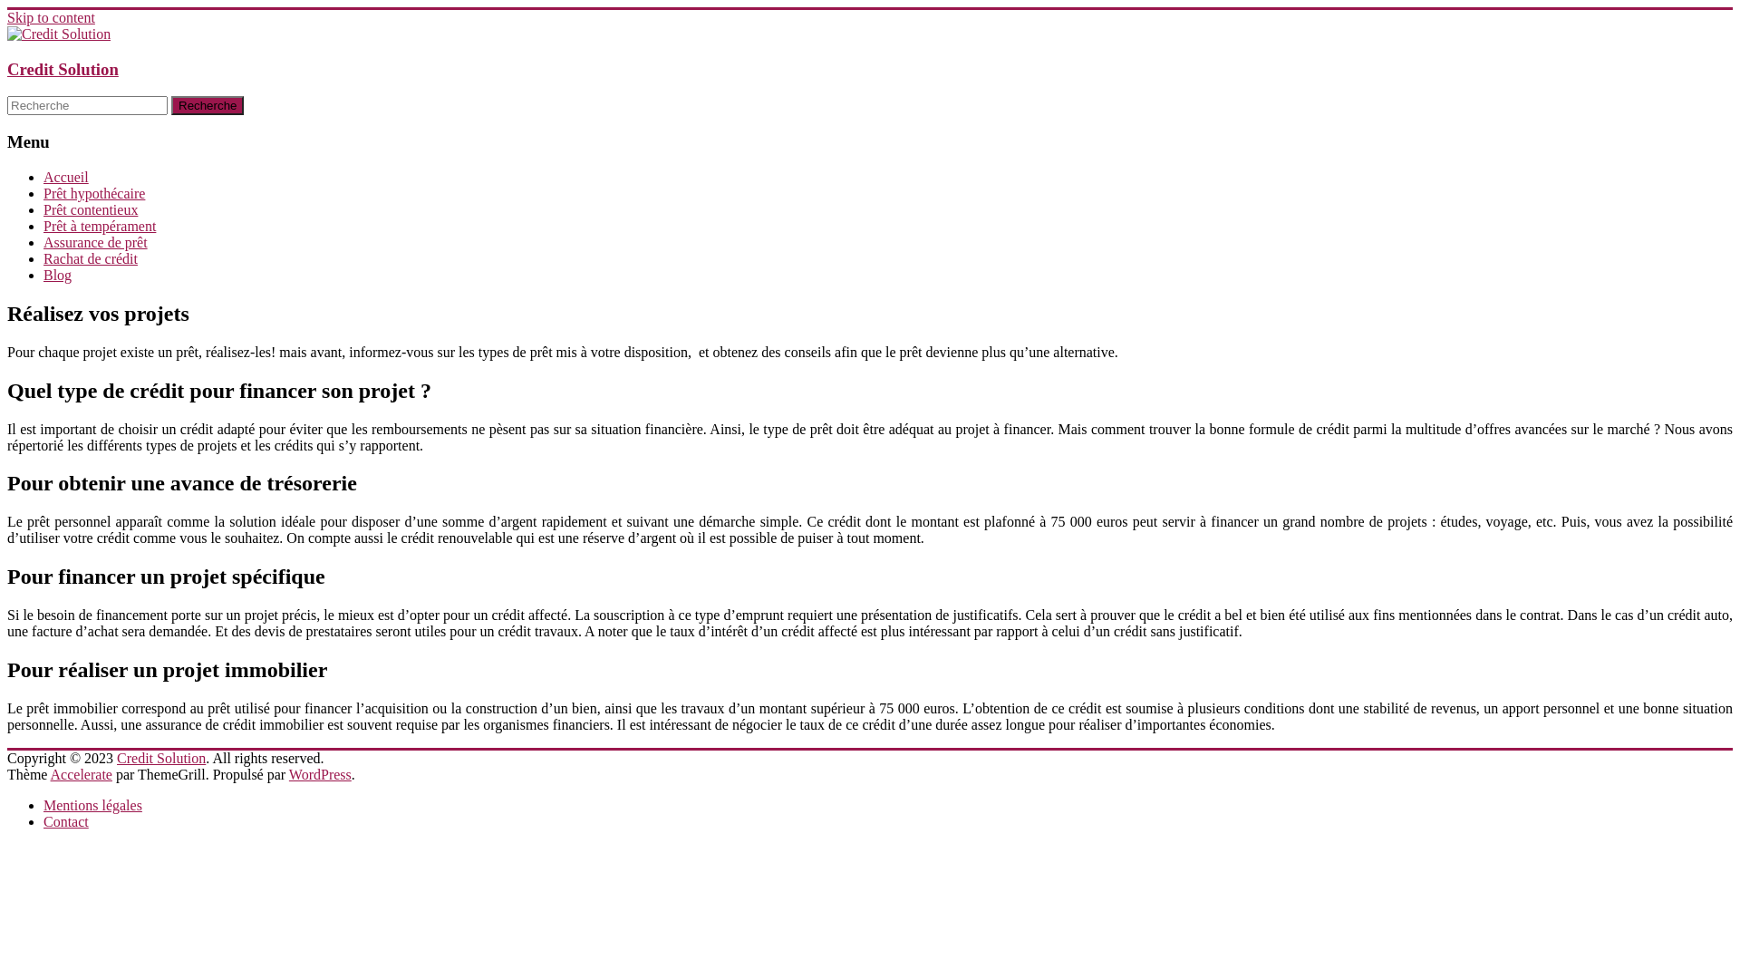  Describe the element at coordinates (81, 774) in the screenshot. I see `'Accelerate'` at that location.